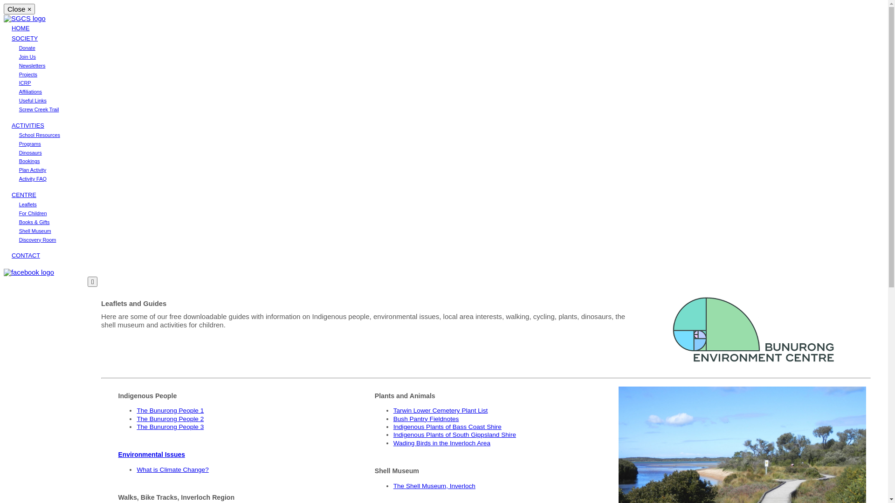 Image resolution: width=895 pixels, height=503 pixels. I want to click on 'Indigenous Plants of South Gippsland Shire', so click(393, 435).